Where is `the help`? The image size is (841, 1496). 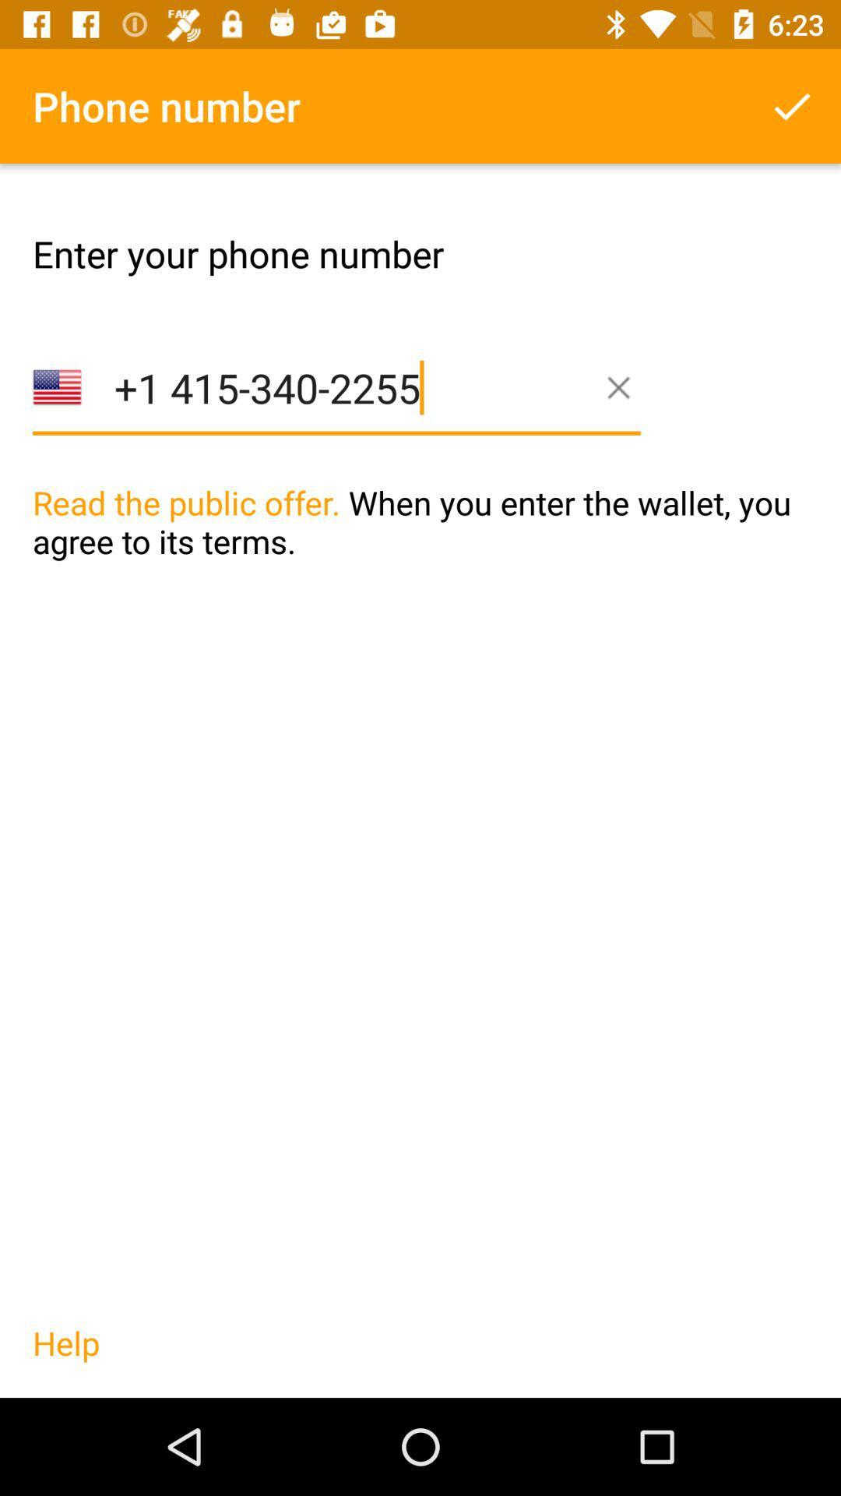 the help is located at coordinates (65, 1358).